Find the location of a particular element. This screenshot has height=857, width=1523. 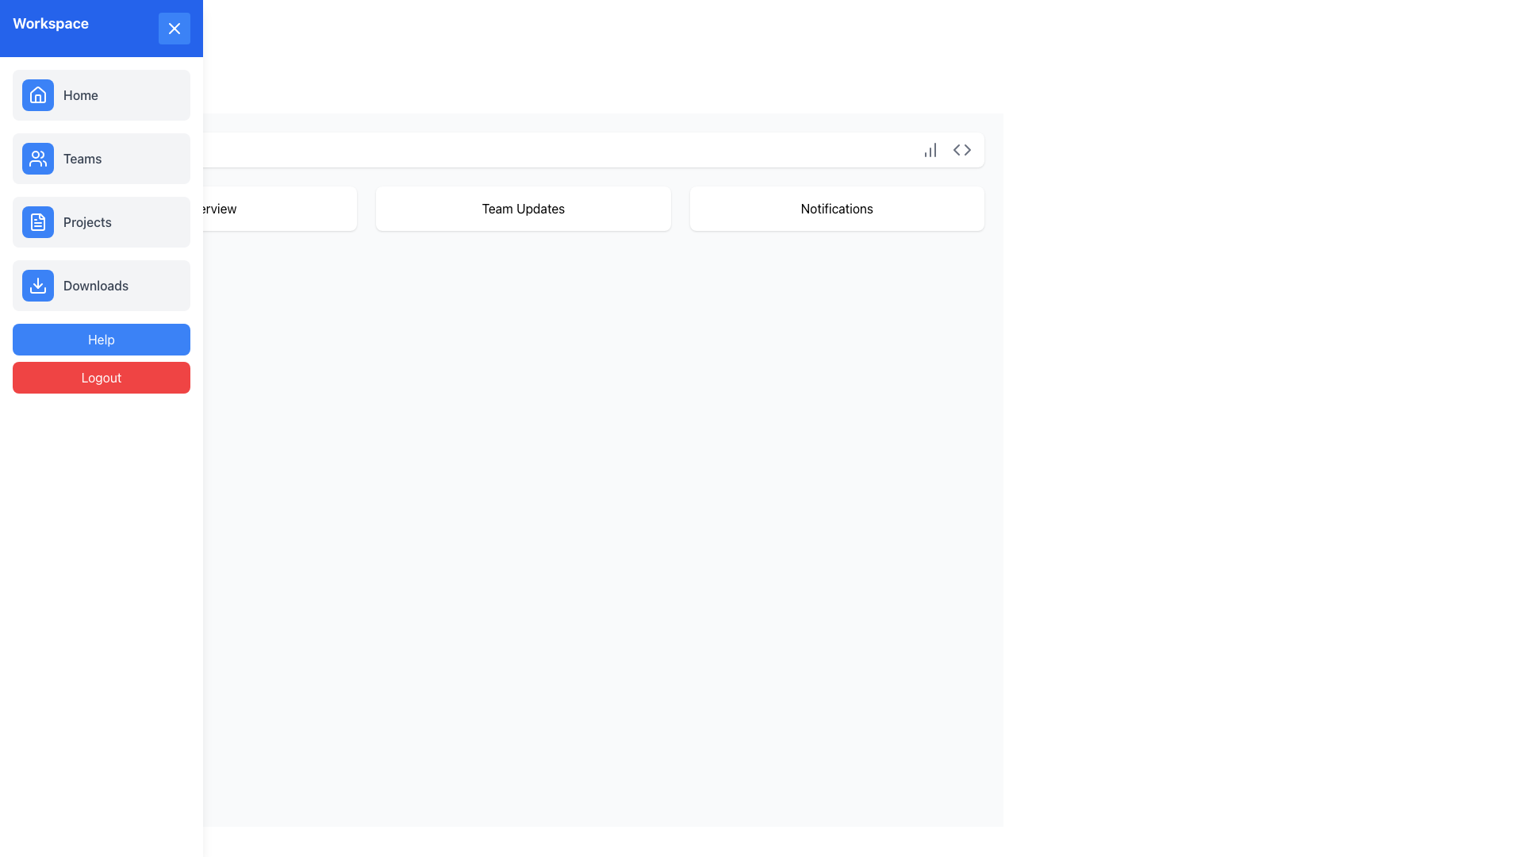

the 'Home' button located at the top of the vertical list is located at coordinates (101, 94).